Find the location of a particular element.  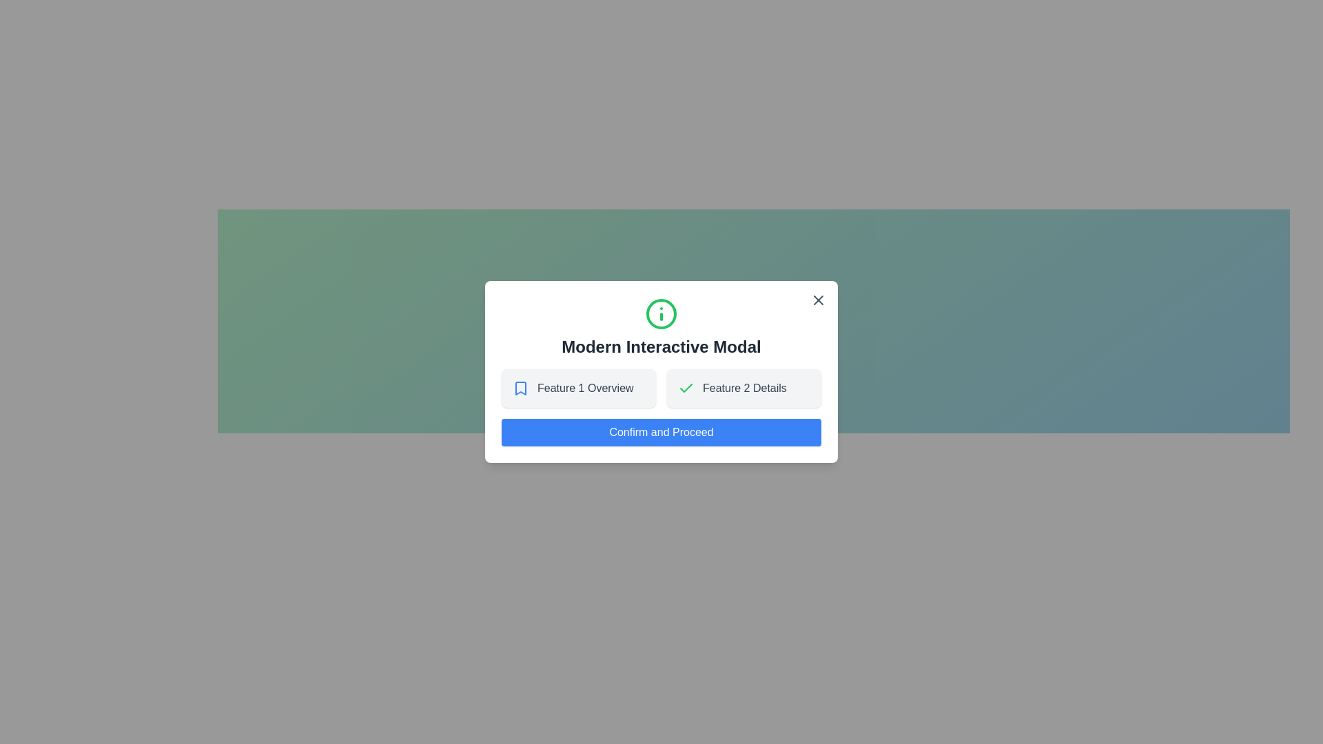

the decorative bookmark icon associated with the 'Feature 1 Overview' tab, located at the center of the modal is located at coordinates (520, 388).